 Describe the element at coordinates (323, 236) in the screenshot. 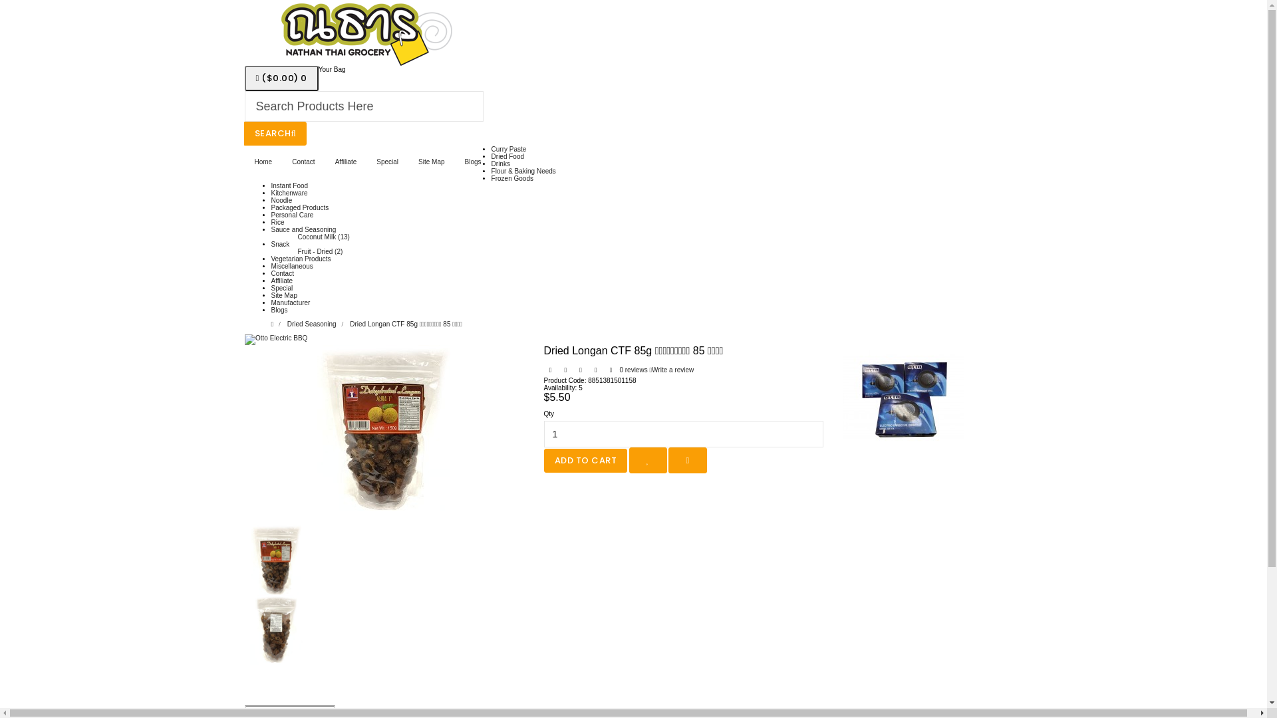

I see `'Coconut Milk (13)'` at that location.